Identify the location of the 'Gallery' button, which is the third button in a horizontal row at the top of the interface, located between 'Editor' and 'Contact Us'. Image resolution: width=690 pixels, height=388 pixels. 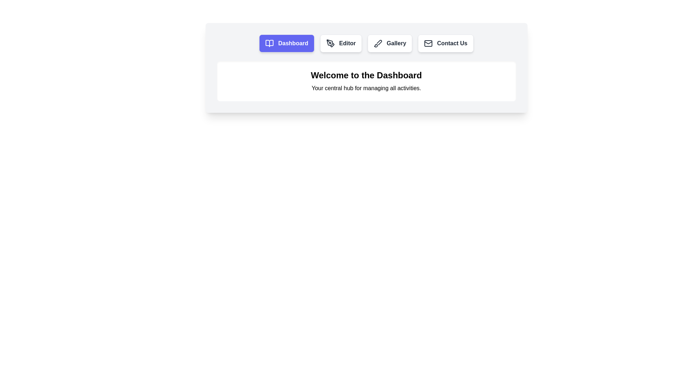
(390, 43).